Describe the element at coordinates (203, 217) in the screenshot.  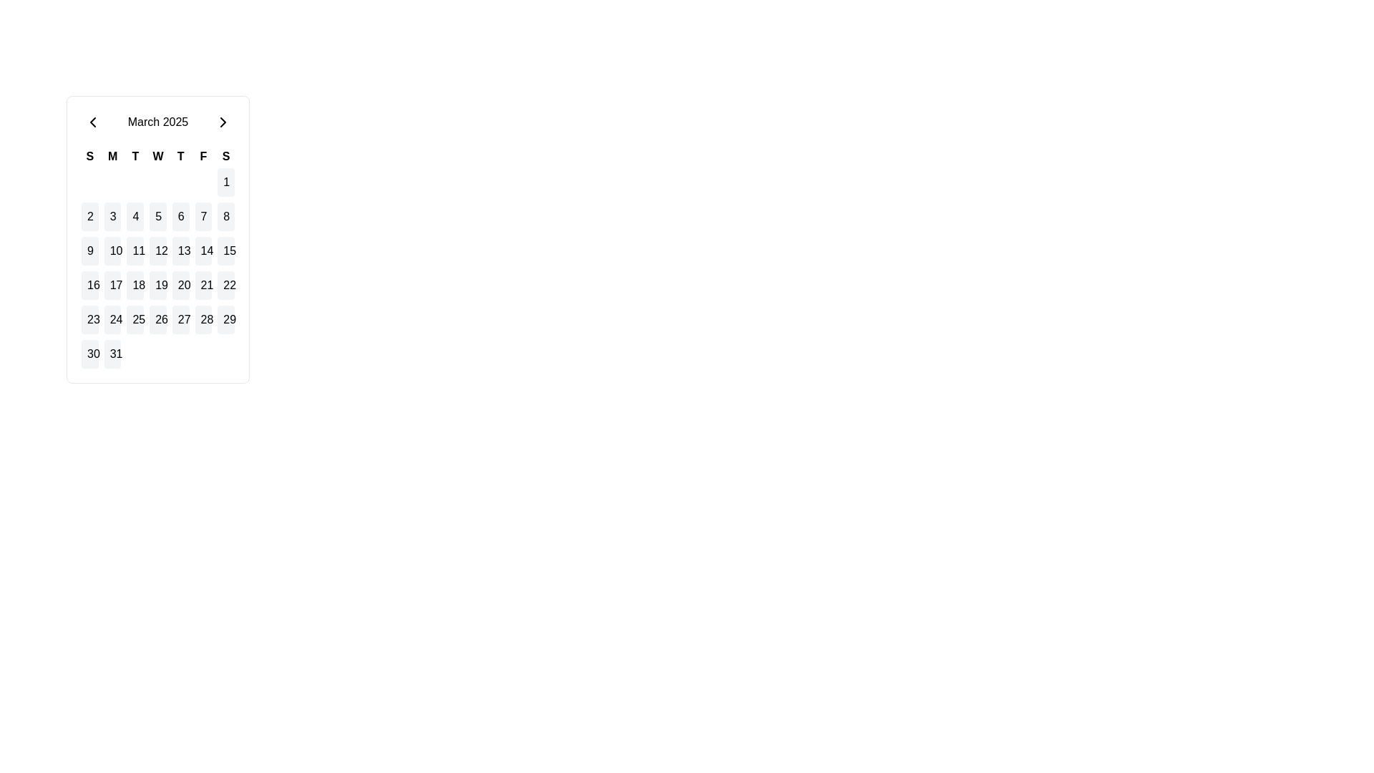
I see `the button displaying the number '7' in the calendar grid` at that location.